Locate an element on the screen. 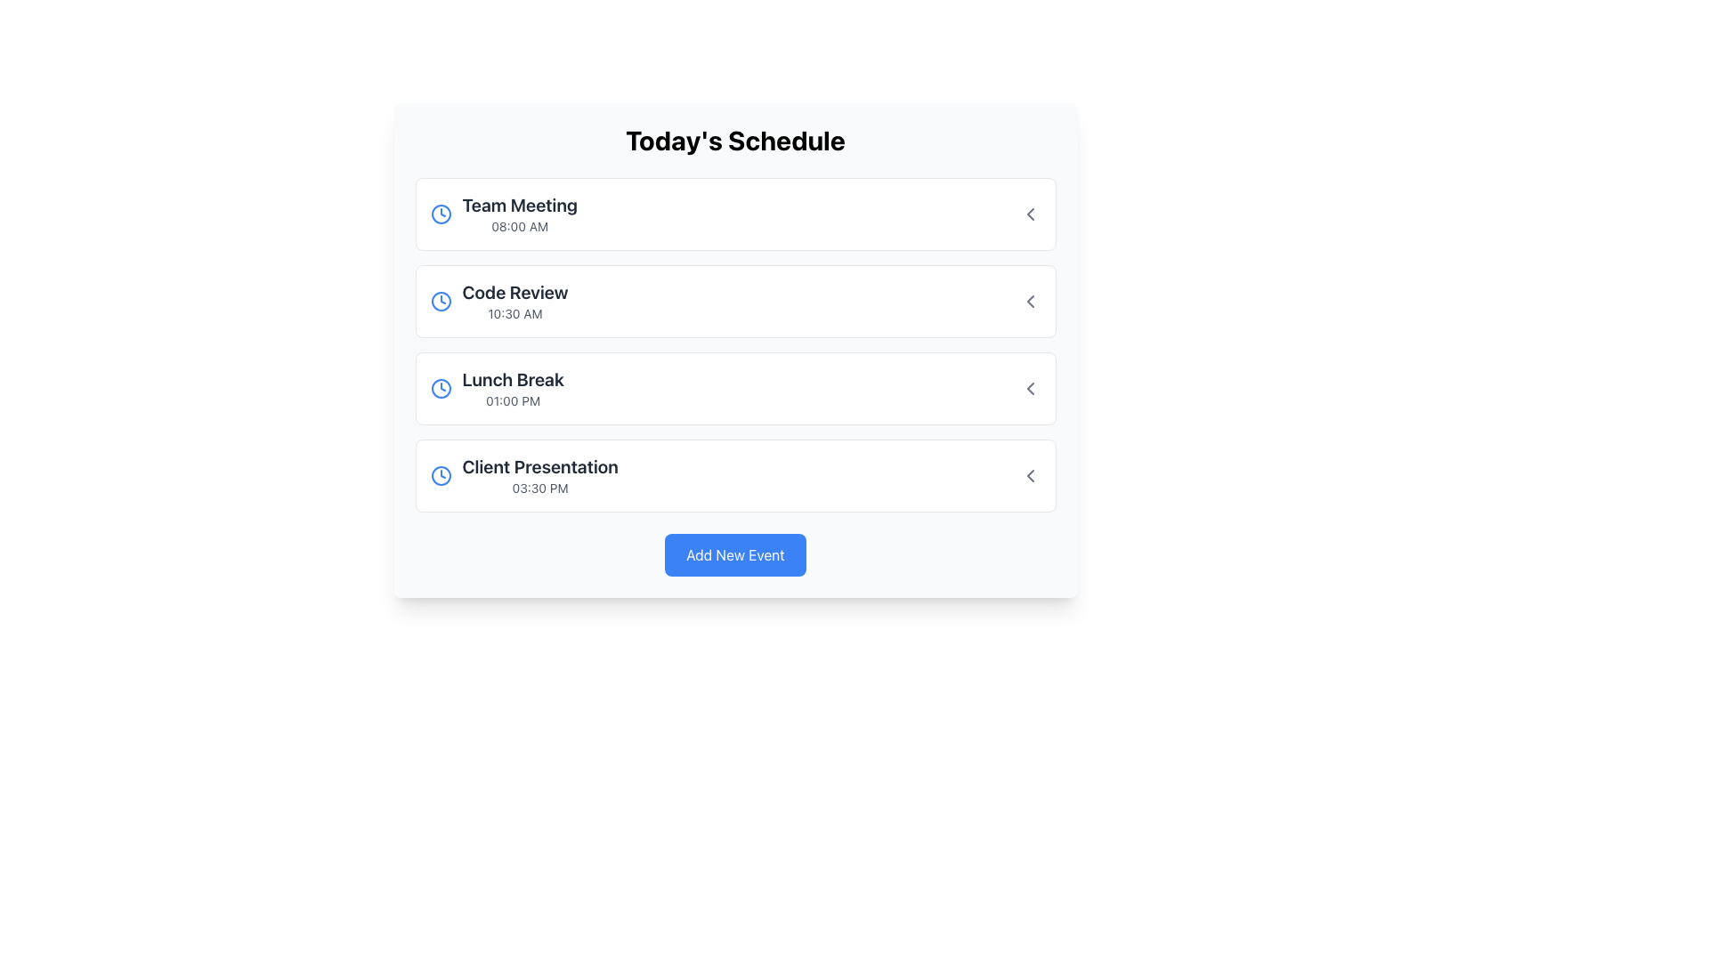 The width and height of the screenshot is (1709, 961). the chevron icon located on the right side of the 'Lunch Break' scheduled event is located at coordinates (1030, 387).